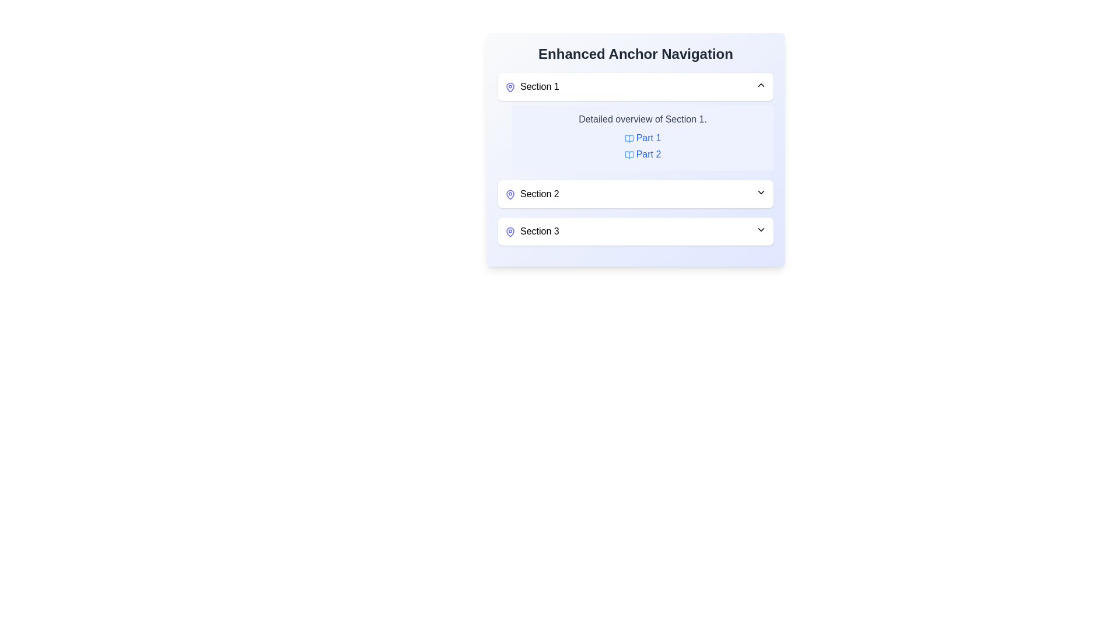  Describe the element at coordinates (510, 232) in the screenshot. I see `the pin icon representing 'Section 3' located to the left of the text within the 'Enhanced Anchor Navigation' panel` at that location.